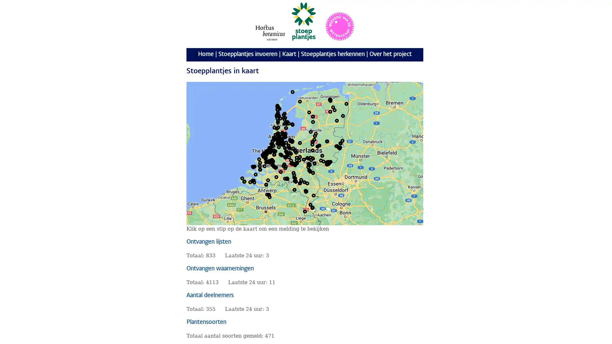  Describe the element at coordinates (309, 169) in the screenshot. I see `Telling van Noud Toonen op 04 december 2021` at that location.